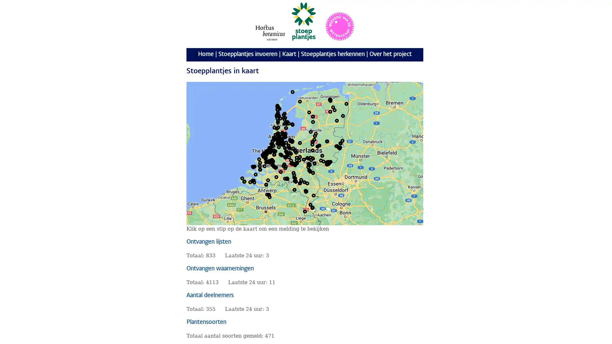  Describe the element at coordinates (309, 169) in the screenshot. I see `Telling van Noud Toonen op 04 december 2021` at that location.